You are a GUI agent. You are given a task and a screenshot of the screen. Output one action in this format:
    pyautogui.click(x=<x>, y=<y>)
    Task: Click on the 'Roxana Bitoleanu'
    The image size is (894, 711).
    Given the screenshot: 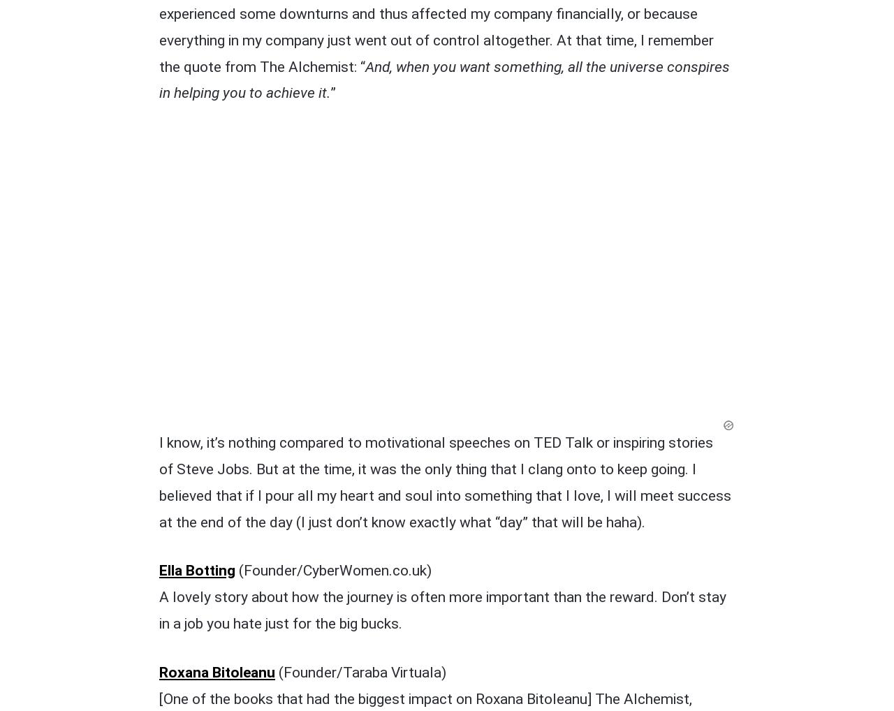 What is the action you would take?
    pyautogui.click(x=159, y=381)
    